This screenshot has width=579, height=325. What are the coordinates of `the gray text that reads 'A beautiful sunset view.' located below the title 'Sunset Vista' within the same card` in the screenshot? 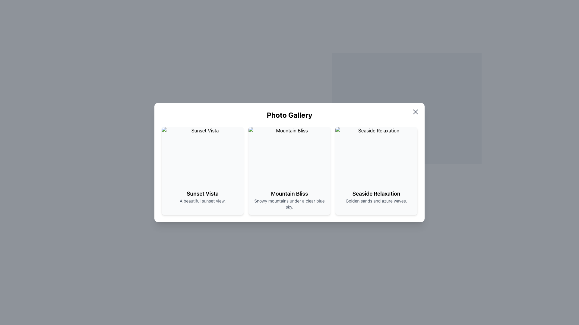 It's located at (203, 201).